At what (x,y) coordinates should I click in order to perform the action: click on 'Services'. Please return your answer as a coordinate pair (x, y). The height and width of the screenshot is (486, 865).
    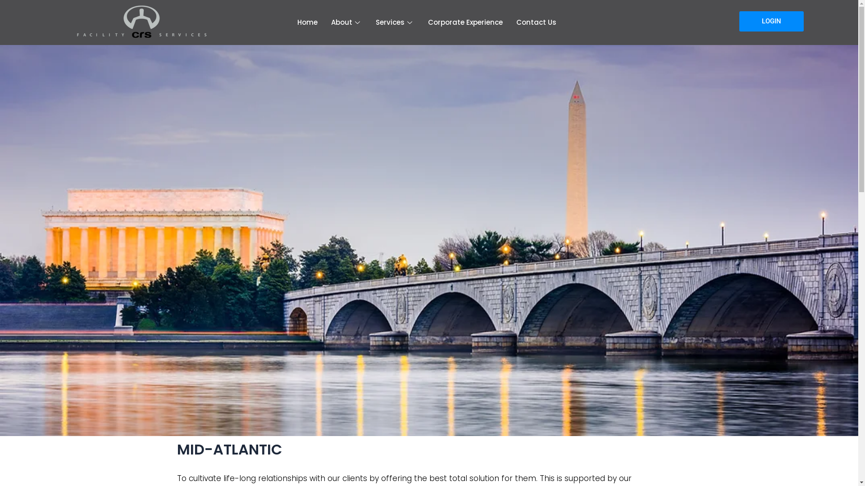
    Looking at the image, I should click on (395, 22).